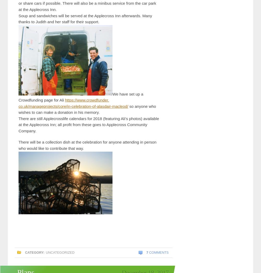 This screenshot has width=261, height=273. Describe the element at coordinates (60, 252) in the screenshot. I see `'Uncategorized'` at that location.